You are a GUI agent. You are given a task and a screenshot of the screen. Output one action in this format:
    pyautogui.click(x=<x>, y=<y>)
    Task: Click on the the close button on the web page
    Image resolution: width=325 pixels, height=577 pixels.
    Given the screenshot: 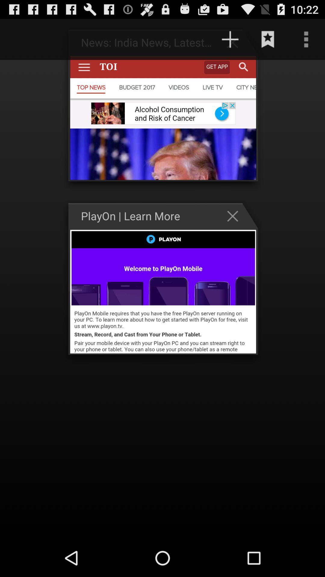 What is the action you would take?
    pyautogui.click(x=235, y=216)
    